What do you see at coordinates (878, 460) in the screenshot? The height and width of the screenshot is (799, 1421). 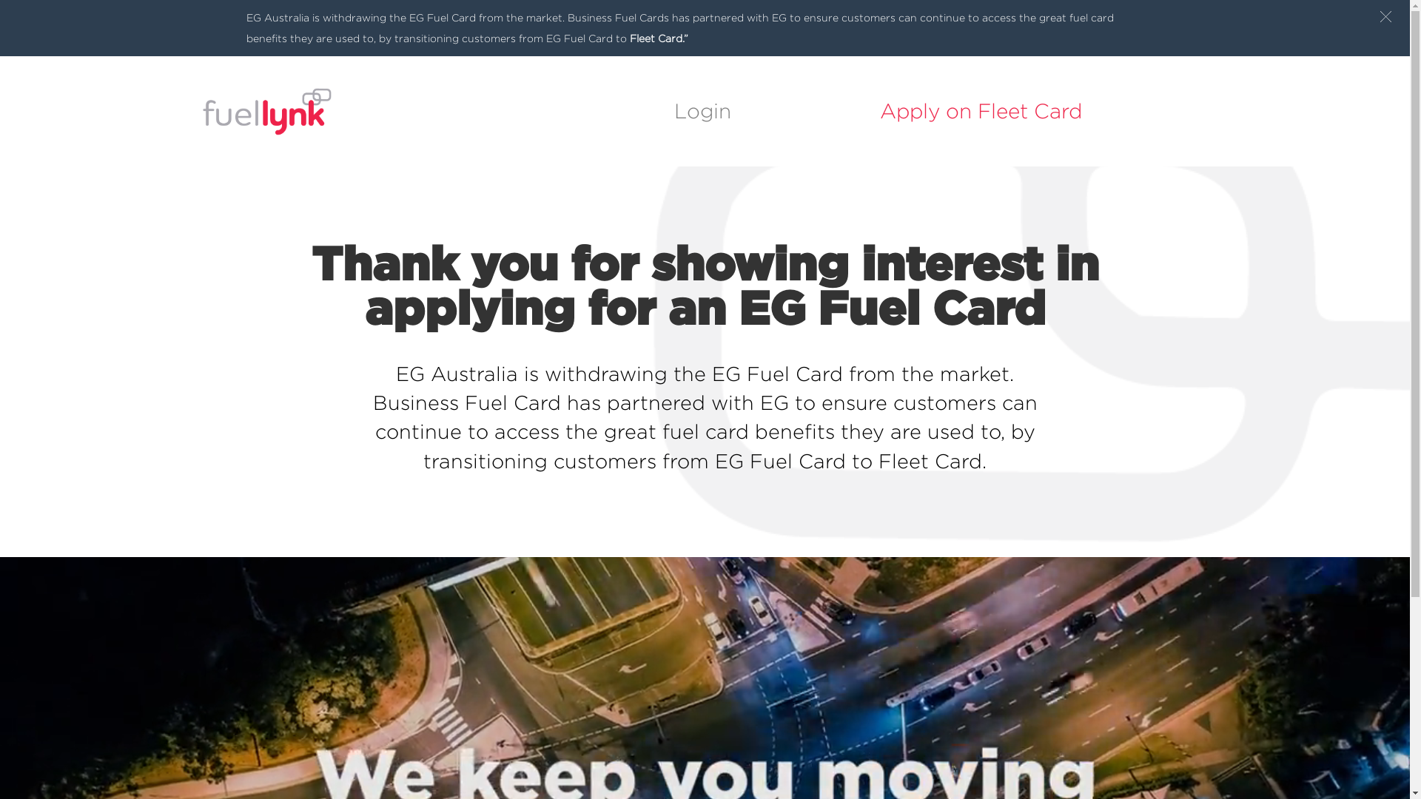 I see `'Fleet Card.'` at bounding box center [878, 460].